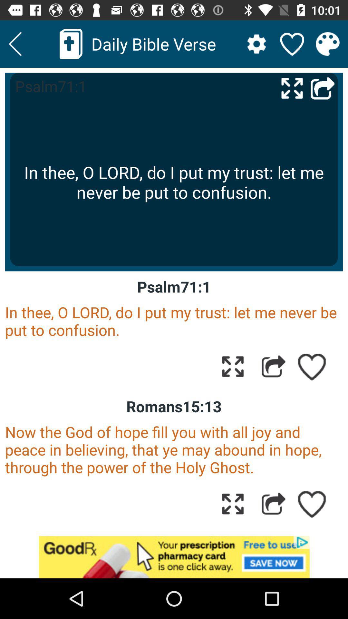  Describe the element at coordinates (292, 88) in the screenshot. I see `rotate of the video` at that location.